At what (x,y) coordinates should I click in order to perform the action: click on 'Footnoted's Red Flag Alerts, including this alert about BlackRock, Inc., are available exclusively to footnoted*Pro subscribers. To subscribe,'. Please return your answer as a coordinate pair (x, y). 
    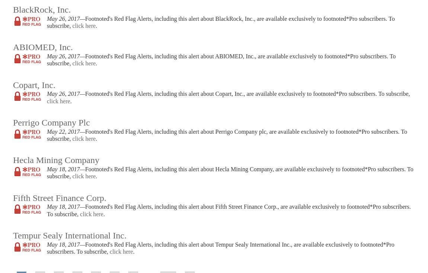
    Looking at the image, I should click on (47, 22).